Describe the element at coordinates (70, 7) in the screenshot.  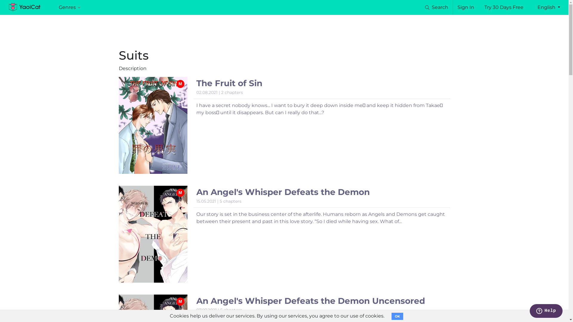
I see `'Genres` at that location.